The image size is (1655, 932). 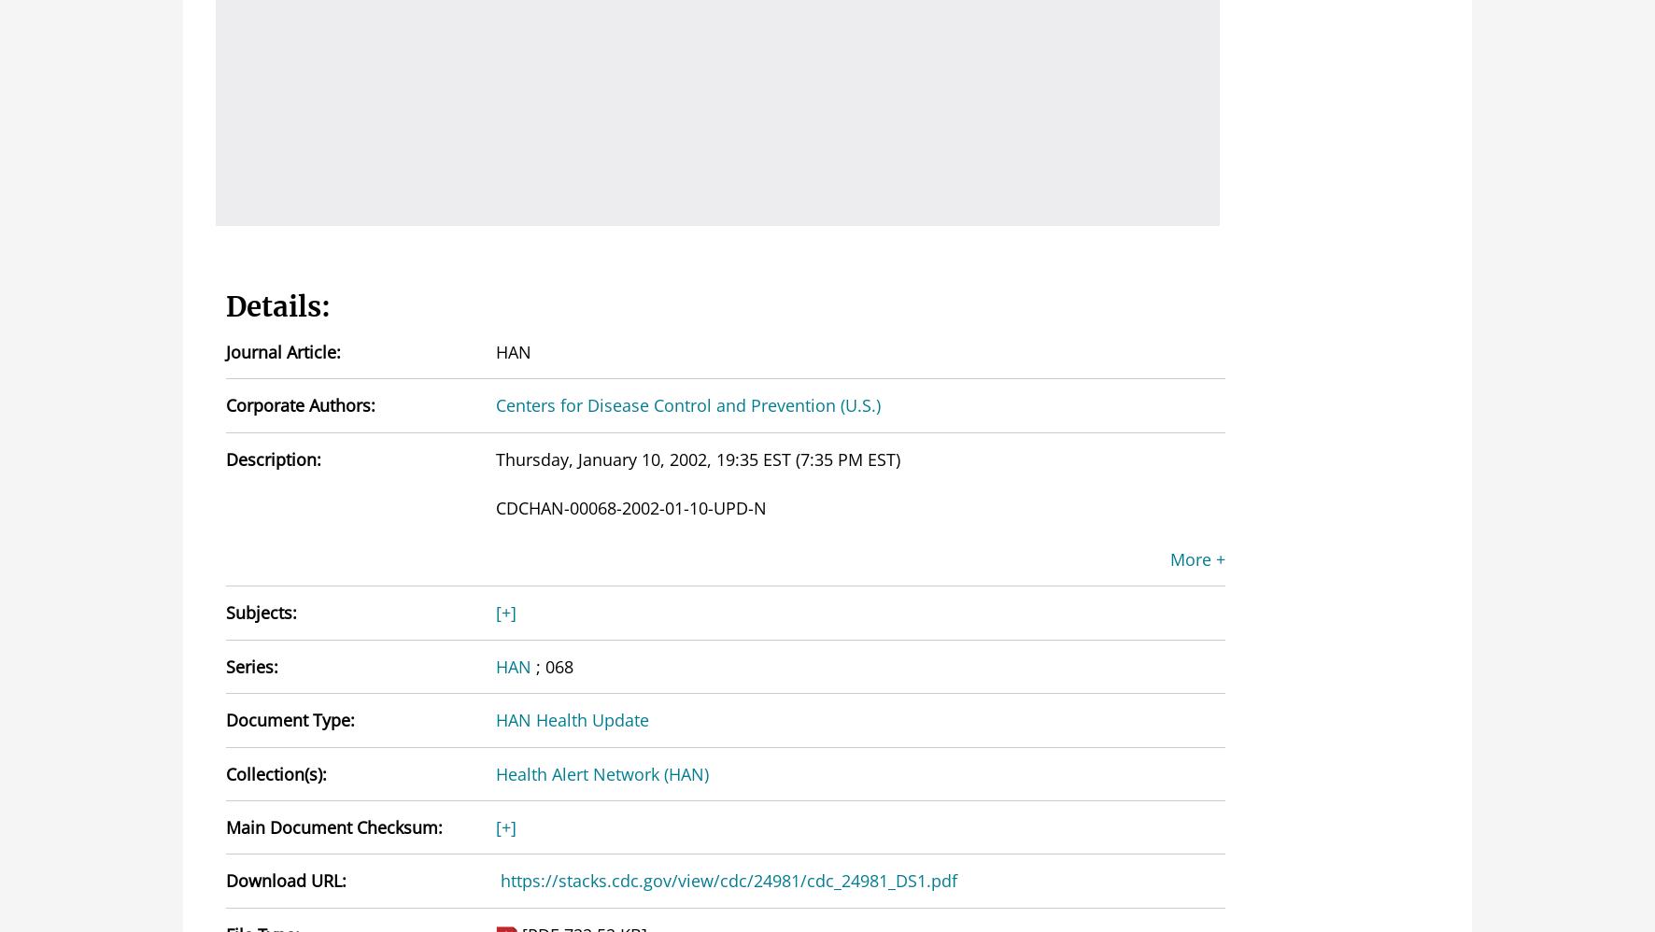 I want to click on 'Collection(s):', so click(x=275, y=773).